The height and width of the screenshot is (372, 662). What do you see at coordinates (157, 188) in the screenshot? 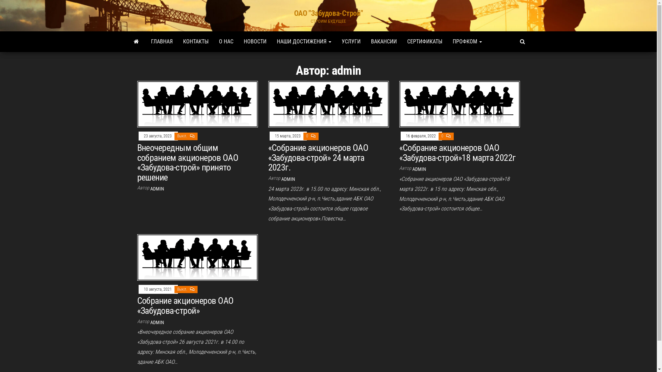
I see `'ADMIN'` at bounding box center [157, 188].